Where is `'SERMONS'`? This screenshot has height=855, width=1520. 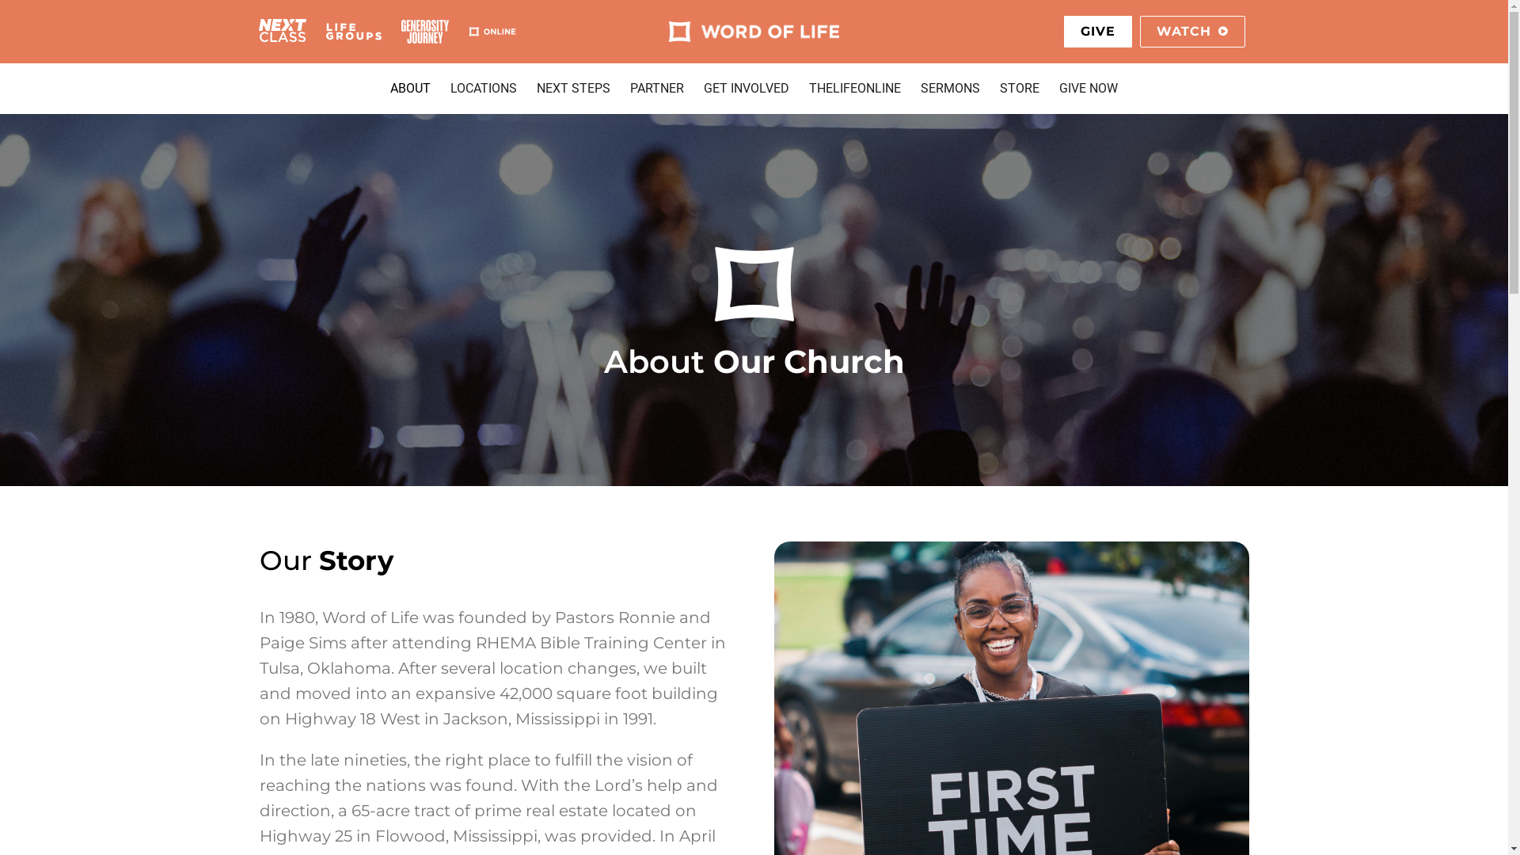 'SERMONS' is located at coordinates (920, 88).